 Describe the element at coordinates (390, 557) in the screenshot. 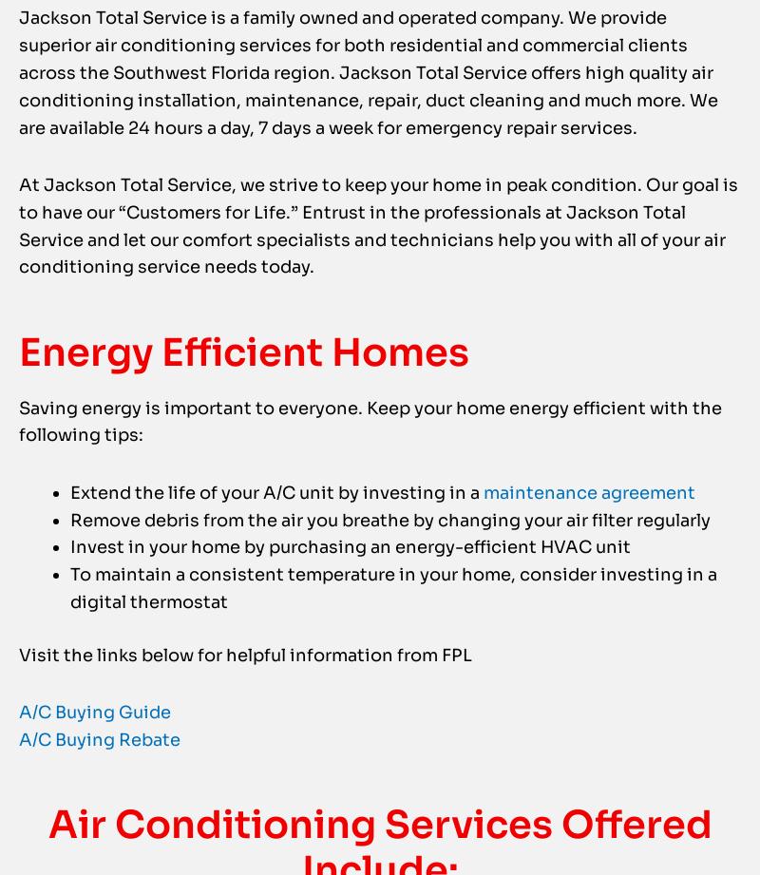

I see `'Remove debris from the air you breathe by changing your air filter regularly'` at that location.